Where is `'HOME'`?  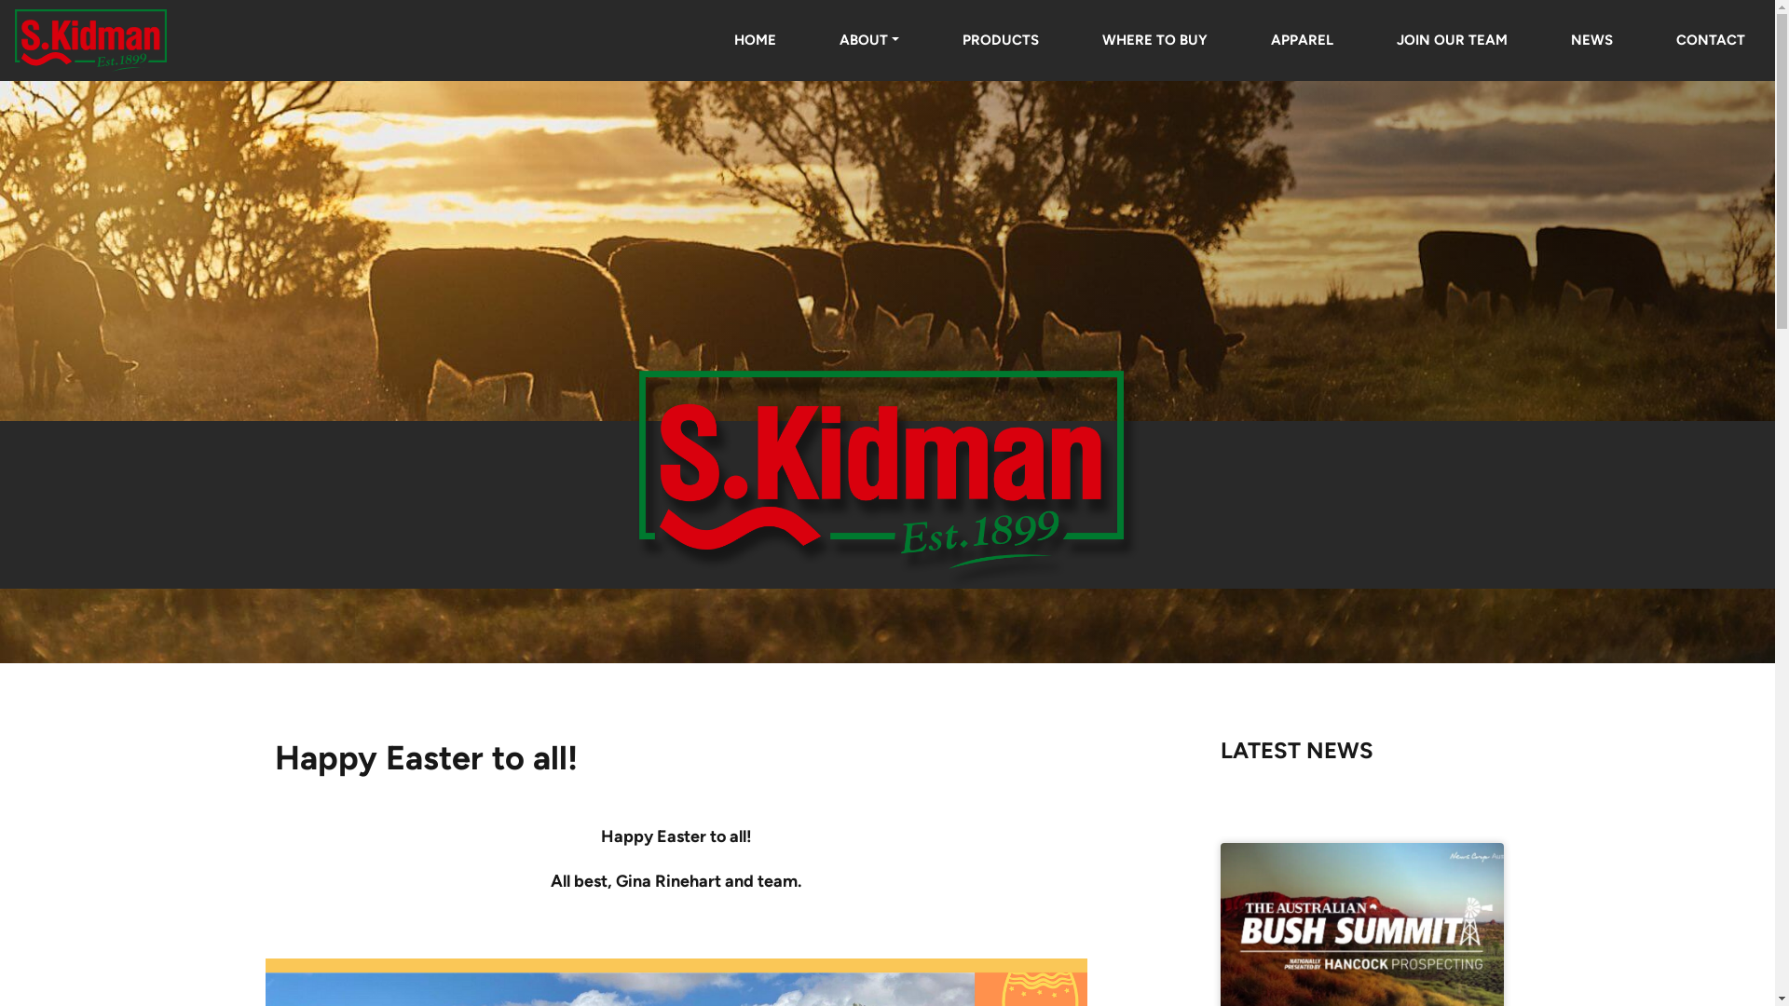 'HOME' is located at coordinates (755, 39).